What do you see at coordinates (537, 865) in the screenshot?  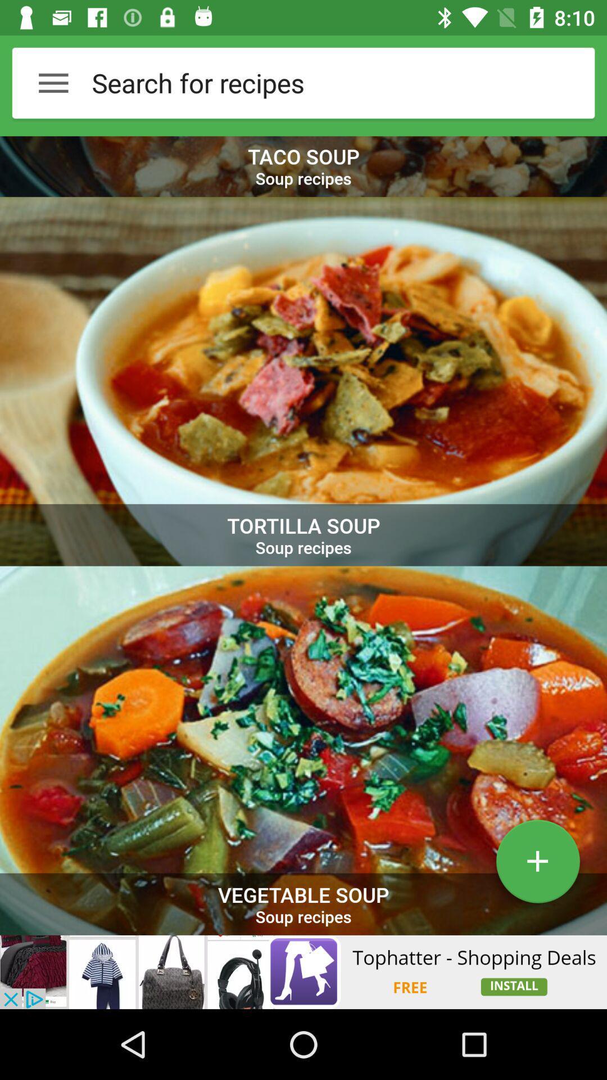 I see `the add icon` at bounding box center [537, 865].